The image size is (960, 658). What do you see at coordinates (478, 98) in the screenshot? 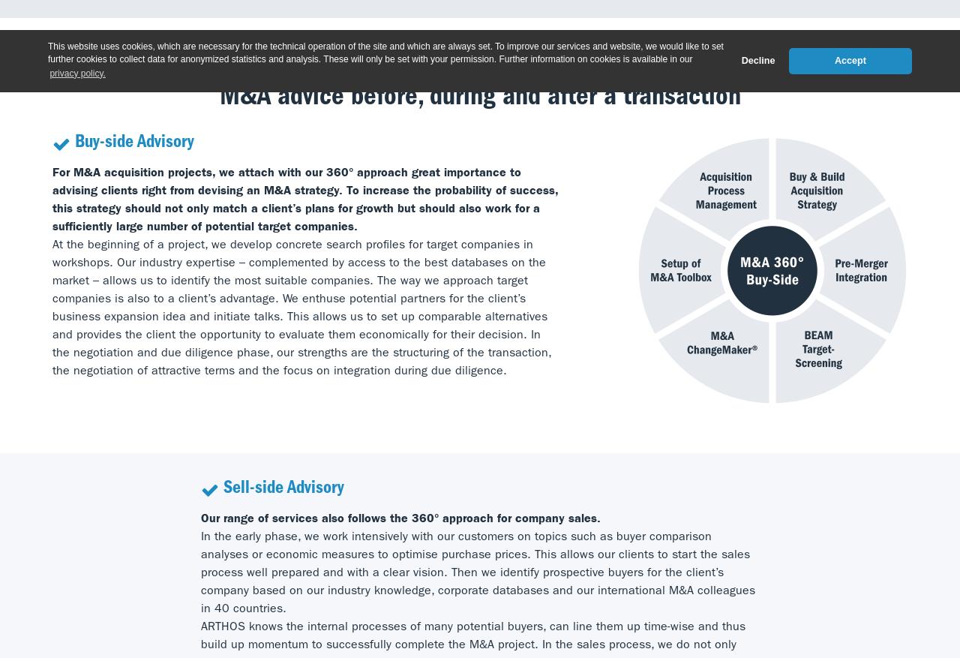
I see `'M&A advice before, during and after a transaction'` at bounding box center [478, 98].